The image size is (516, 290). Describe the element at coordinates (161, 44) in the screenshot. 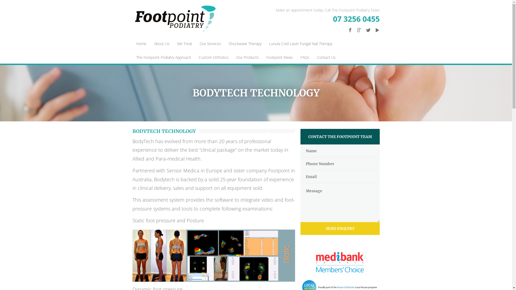

I see `'About Us'` at that location.